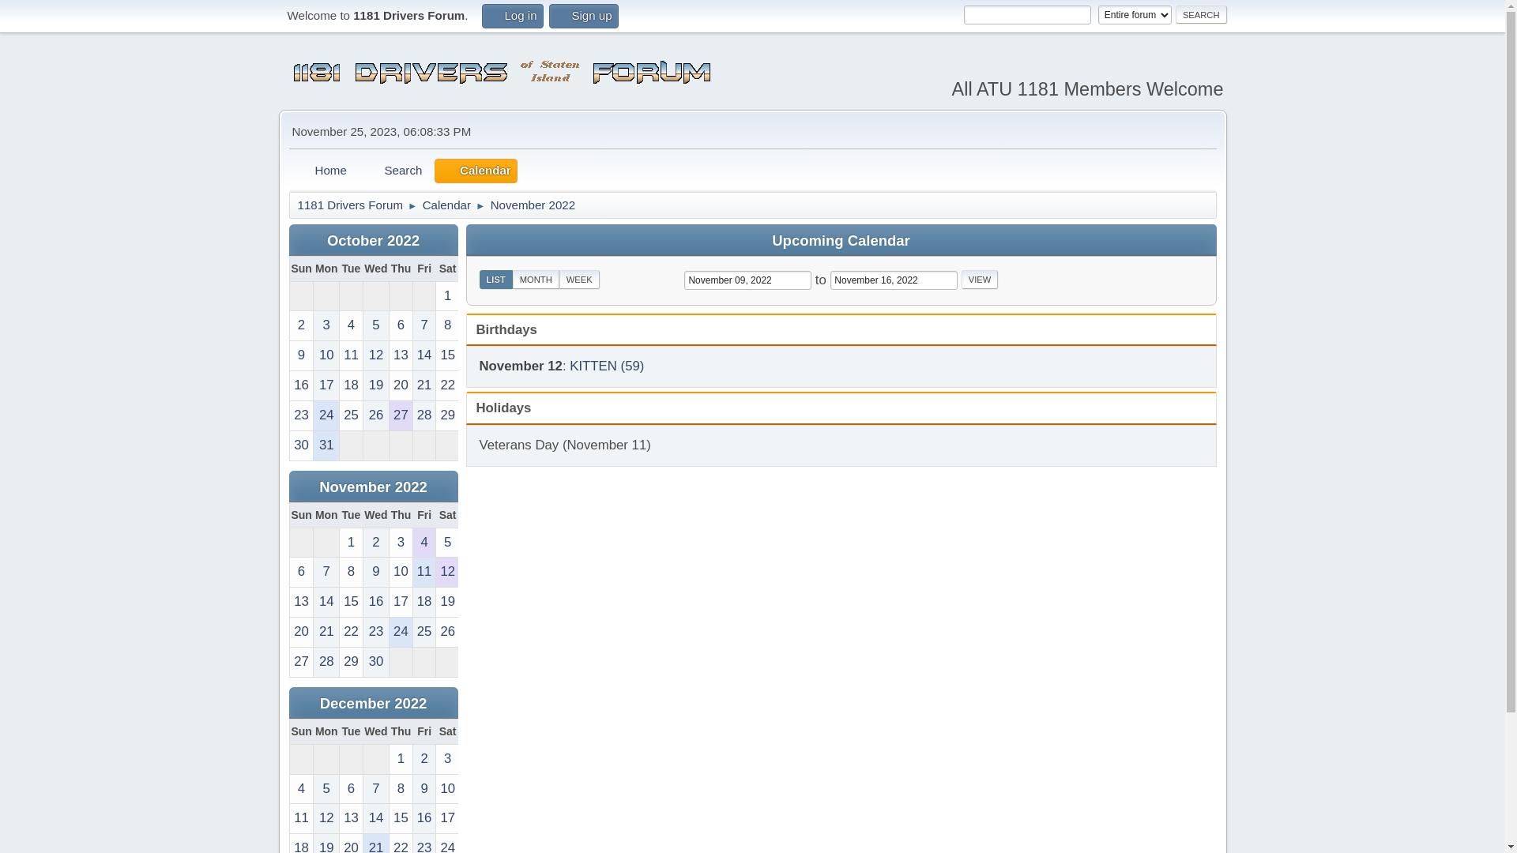 The height and width of the screenshot is (853, 1517). What do you see at coordinates (350, 415) in the screenshot?
I see `'25'` at bounding box center [350, 415].